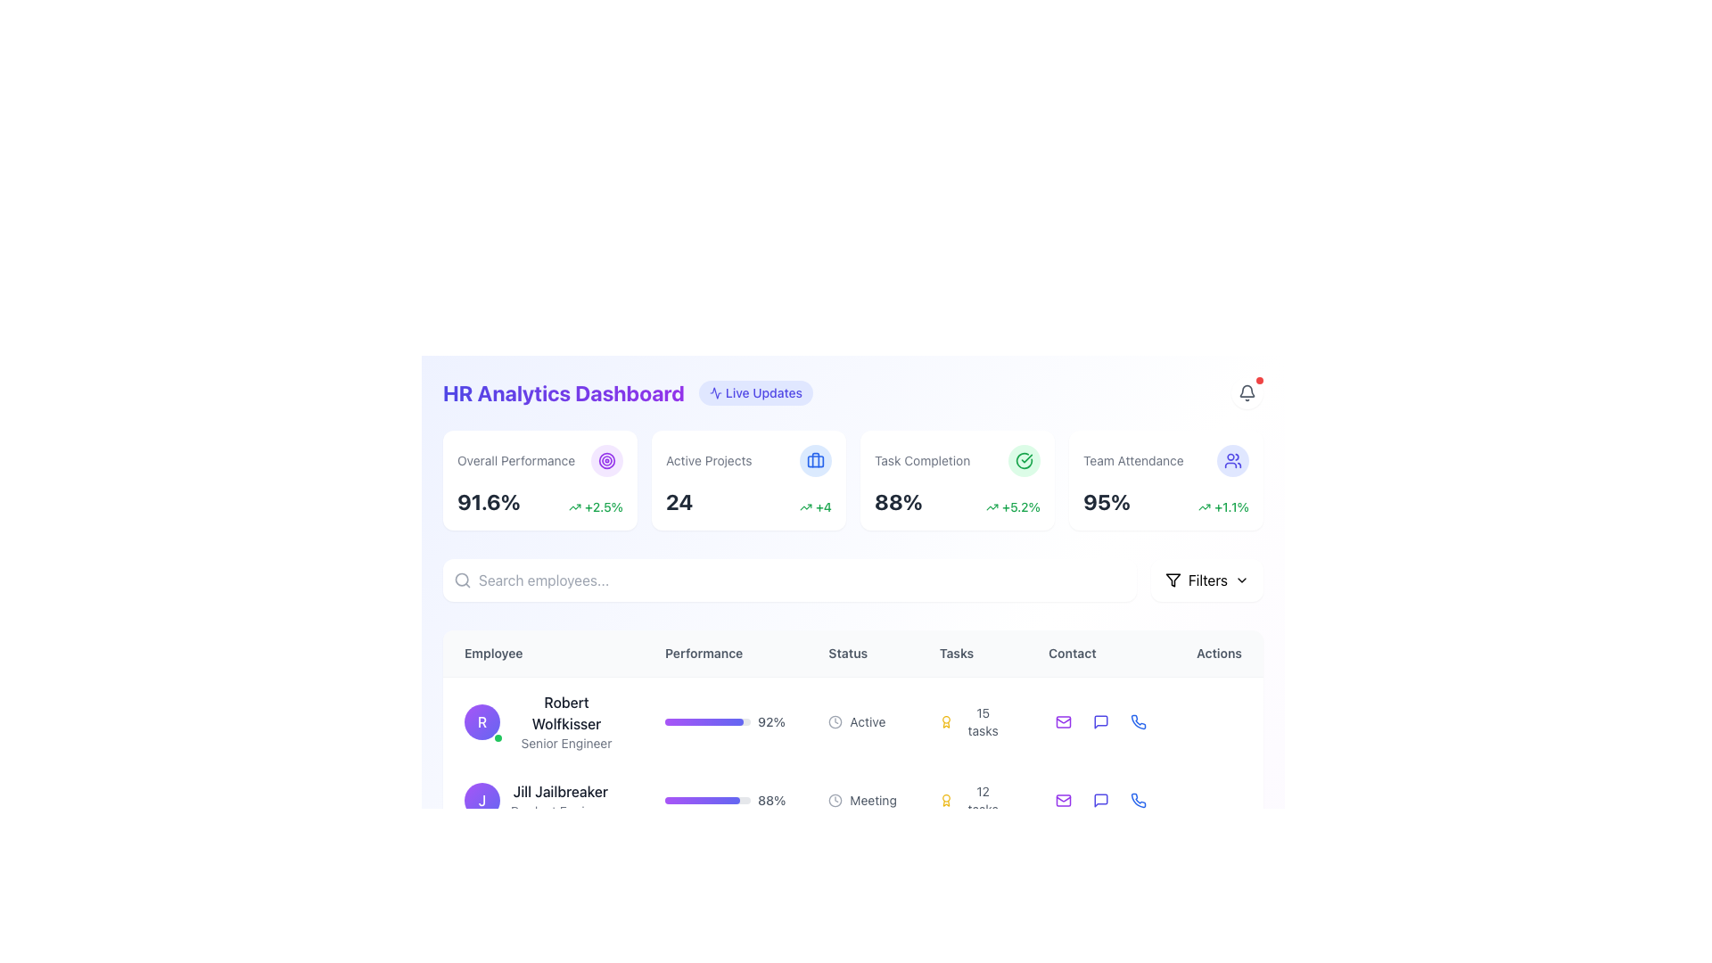 The height and width of the screenshot is (963, 1712). Describe the element at coordinates (702, 800) in the screenshot. I see `the Progress bar in the second row of the performance section of the dashboard, which represents a performance metric visually through its length and color gradient` at that location.